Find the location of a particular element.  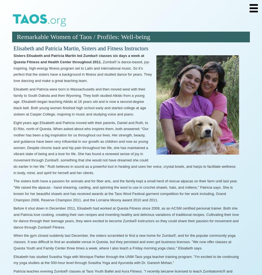

'About' is located at coordinates (33, 37).